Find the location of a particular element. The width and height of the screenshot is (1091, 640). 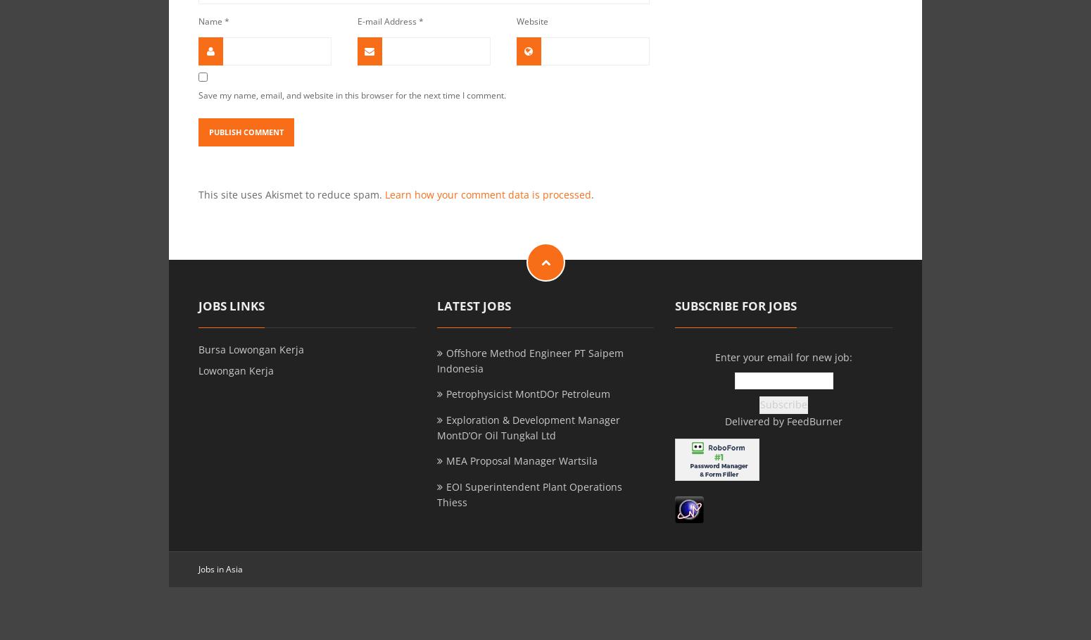

'MEA Proposal Manager Wartsila' is located at coordinates (521, 460).